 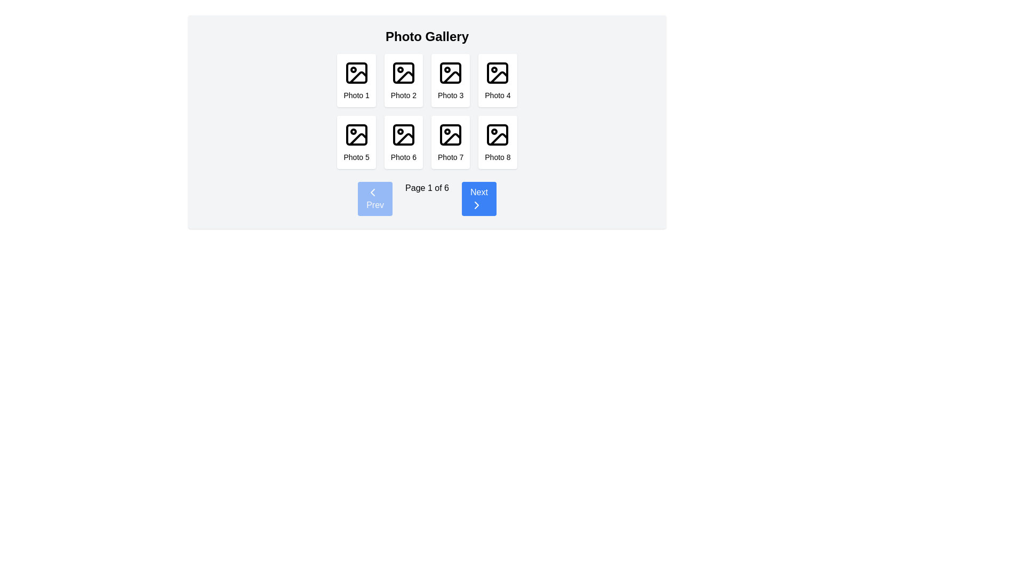 I want to click on the decorative rectangle shape that is part of the 'Photo 5' image icon in the second row, first column of the photo gallery grid, so click(x=356, y=134).